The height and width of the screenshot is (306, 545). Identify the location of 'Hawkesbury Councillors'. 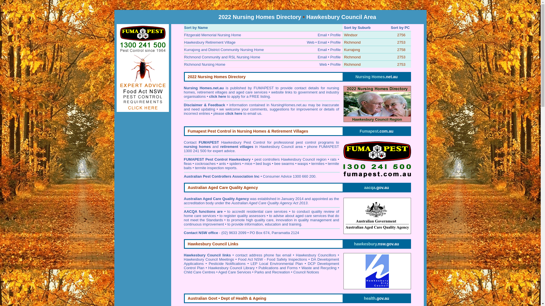
(316, 255).